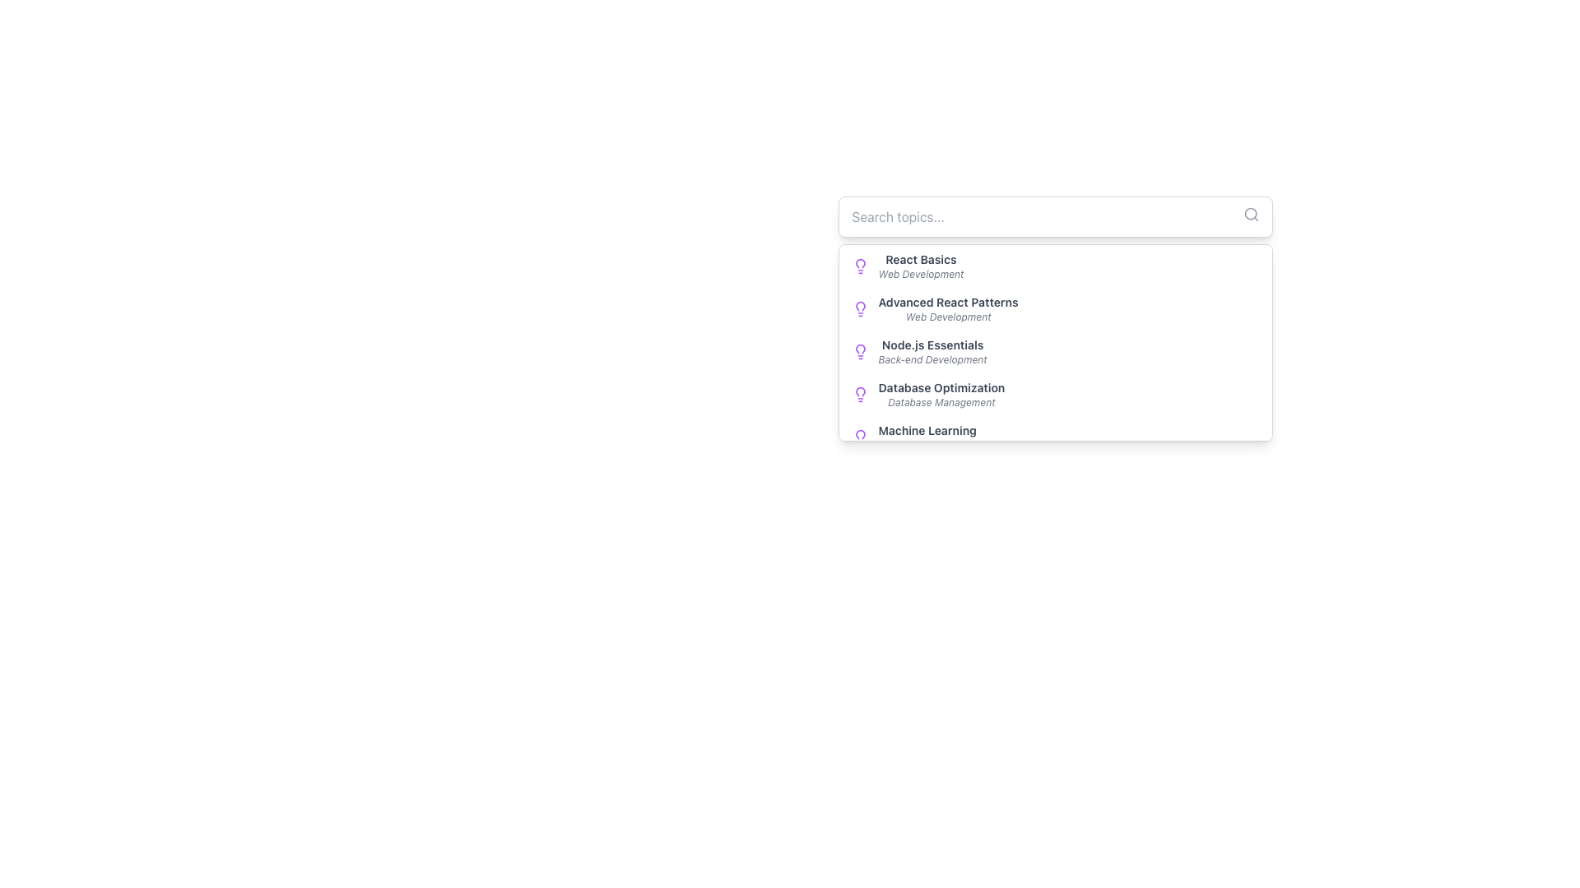  I want to click on the magnifying glass icon, which is outlined in light gray and positioned in the top-right corner of the dropdown search interface, aligned vertically with the search input area, so click(1251, 214).